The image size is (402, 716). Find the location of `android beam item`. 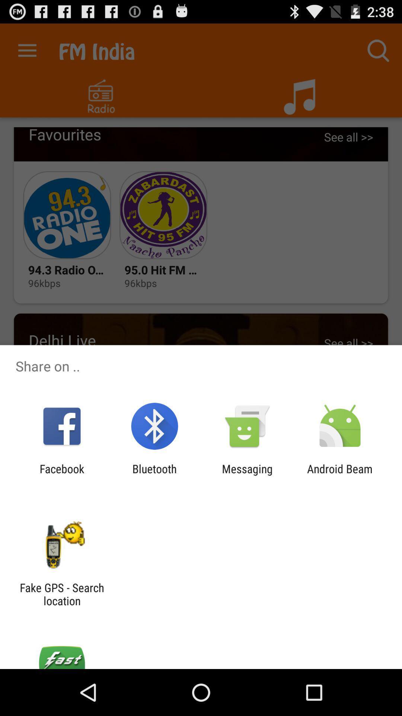

android beam item is located at coordinates (340, 475).